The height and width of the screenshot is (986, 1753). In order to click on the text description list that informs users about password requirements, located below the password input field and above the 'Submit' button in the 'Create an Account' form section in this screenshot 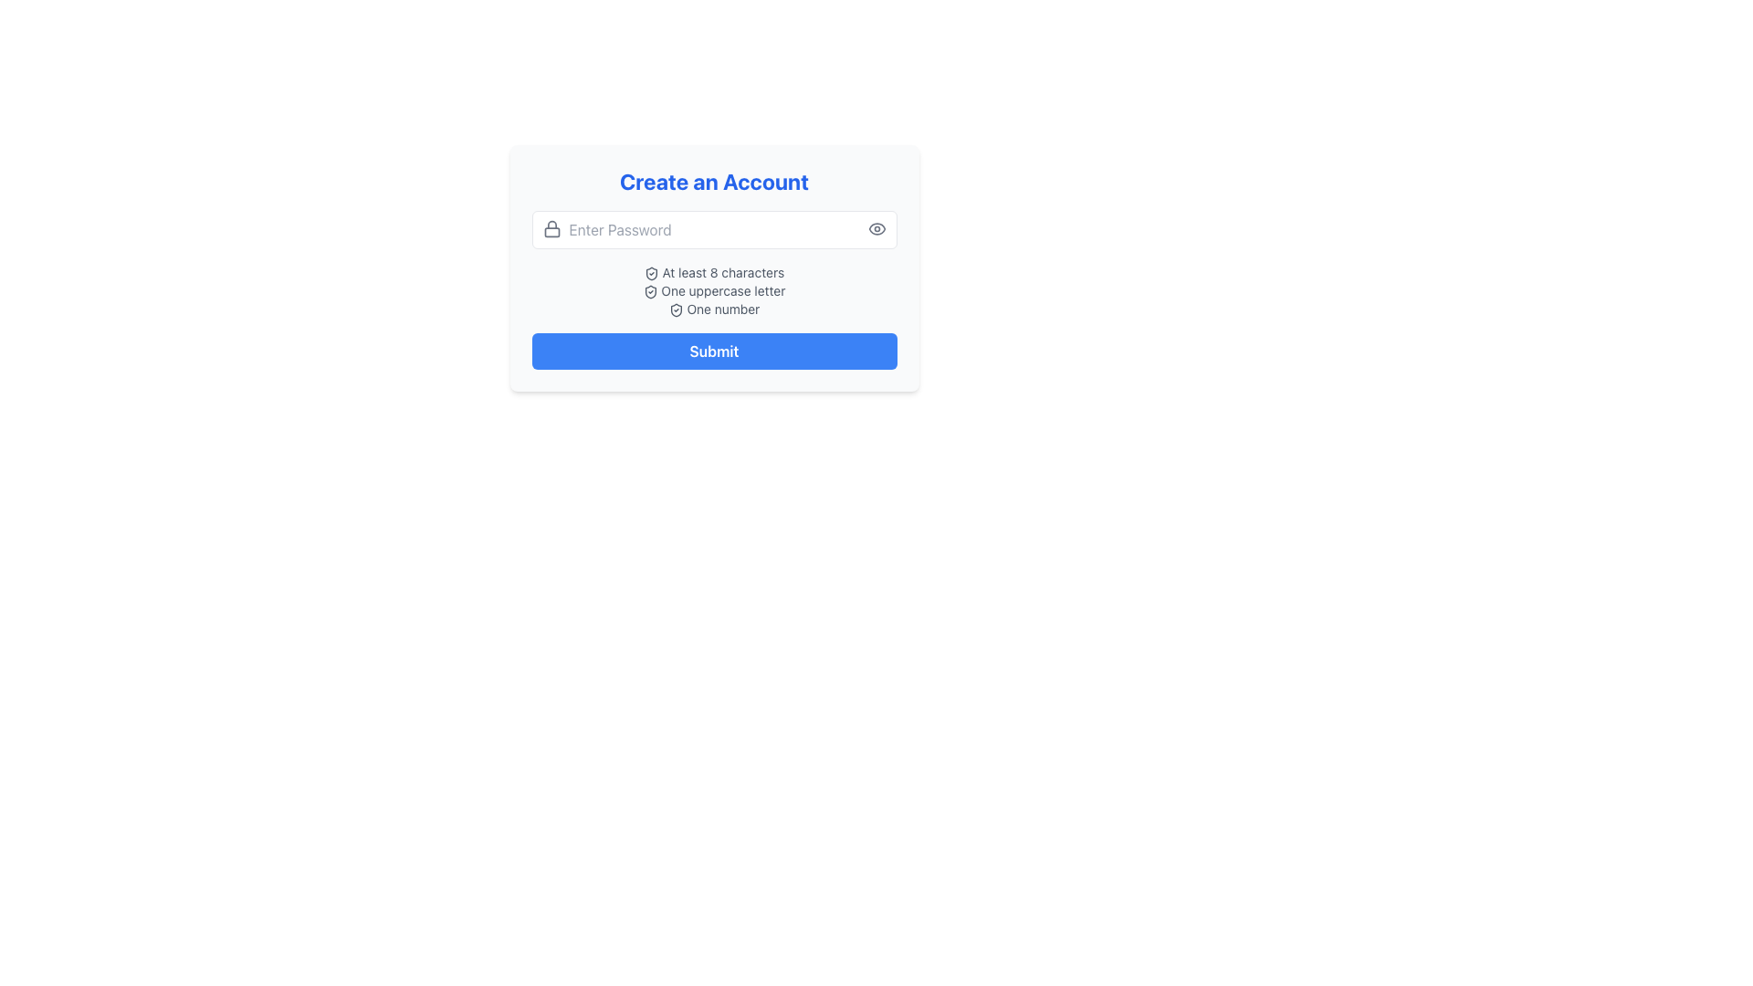, I will do `click(713, 290)`.